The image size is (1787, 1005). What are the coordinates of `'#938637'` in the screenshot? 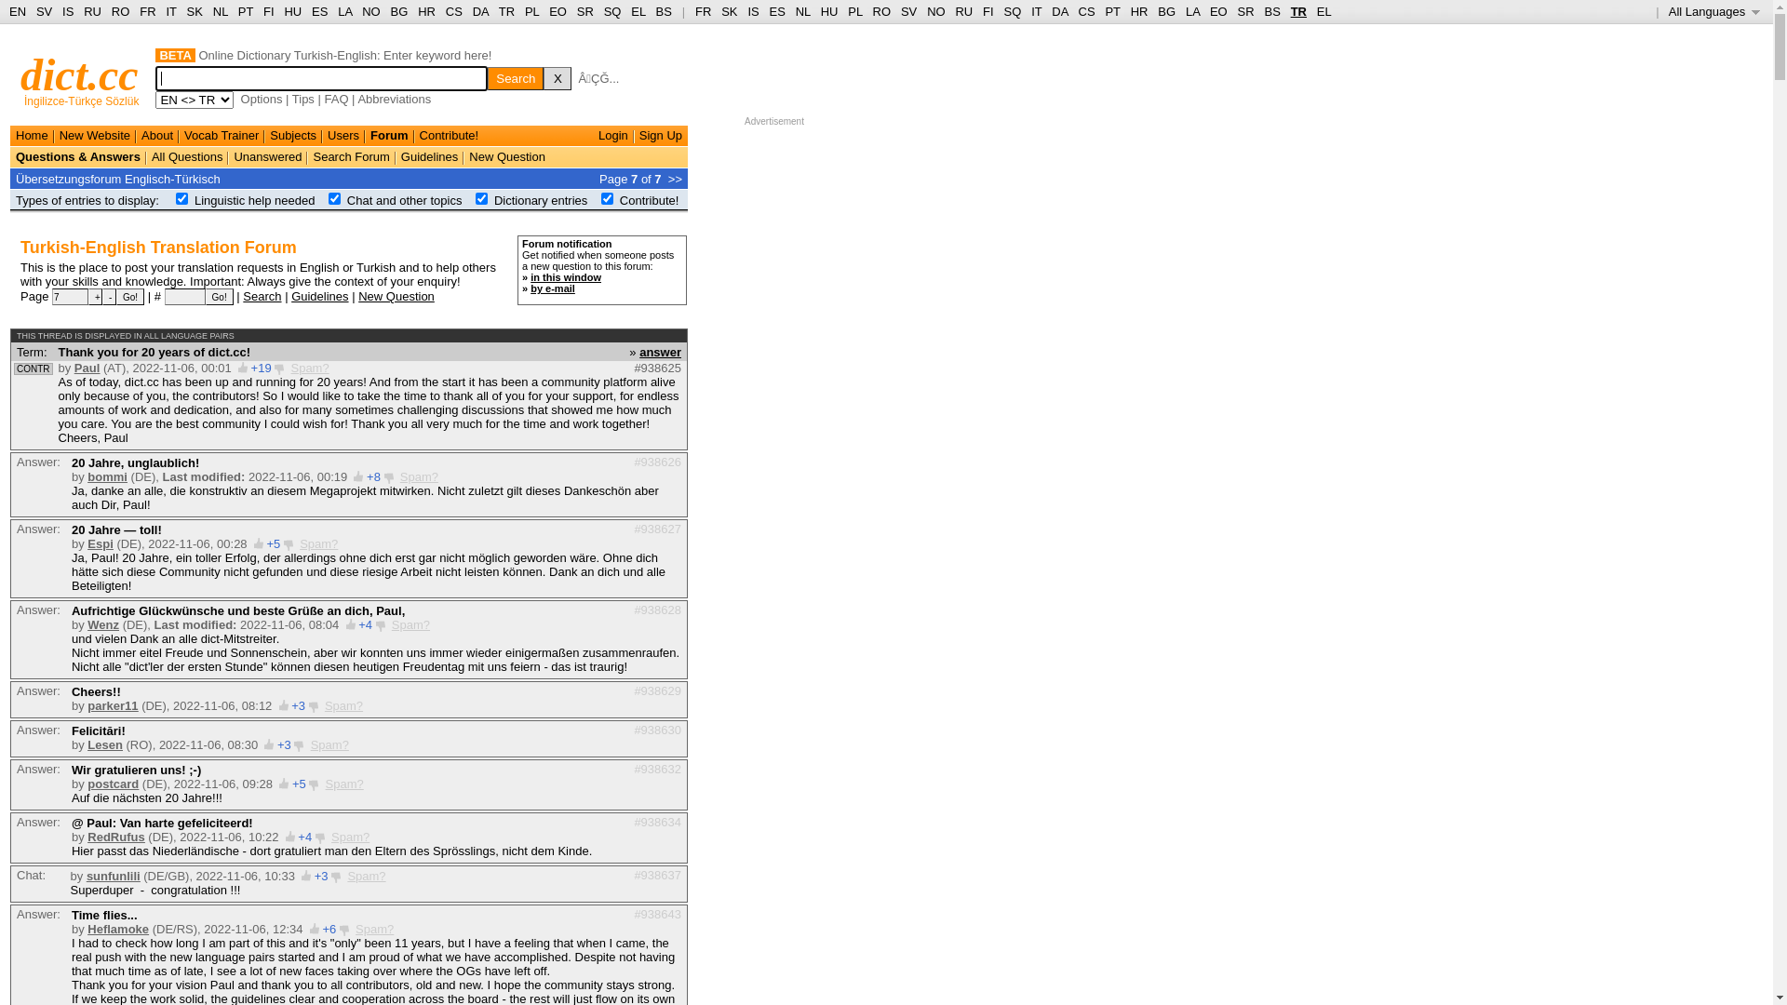 It's located at (634, 874).